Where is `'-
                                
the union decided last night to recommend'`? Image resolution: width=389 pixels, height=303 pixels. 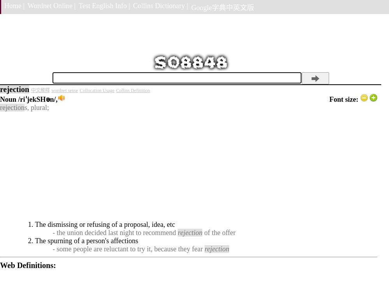 '-
                                
the union decided last night to recommend' is located at coordinates (115, 232).